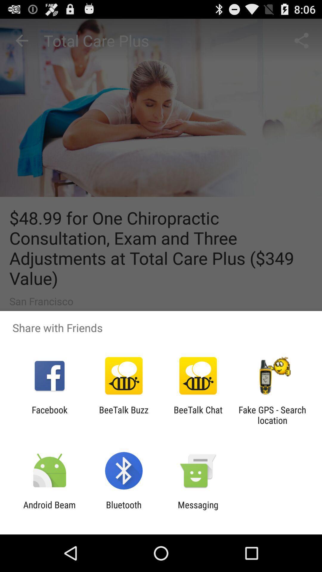 The image size is (322, 572). What do you see at coordinates (123, 510) in the screenshot?
I see `the app next to messaging app` at bounding box center [123, 510].